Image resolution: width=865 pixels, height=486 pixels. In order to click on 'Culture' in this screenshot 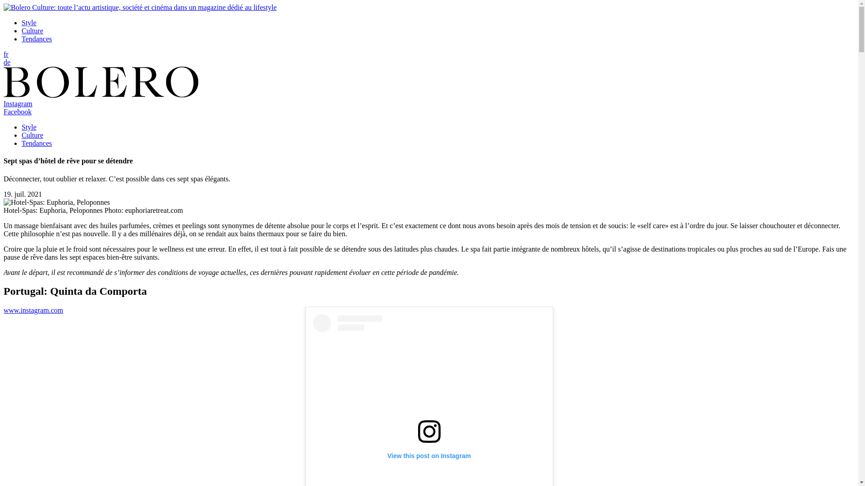, I will do `click(32, 30)`.